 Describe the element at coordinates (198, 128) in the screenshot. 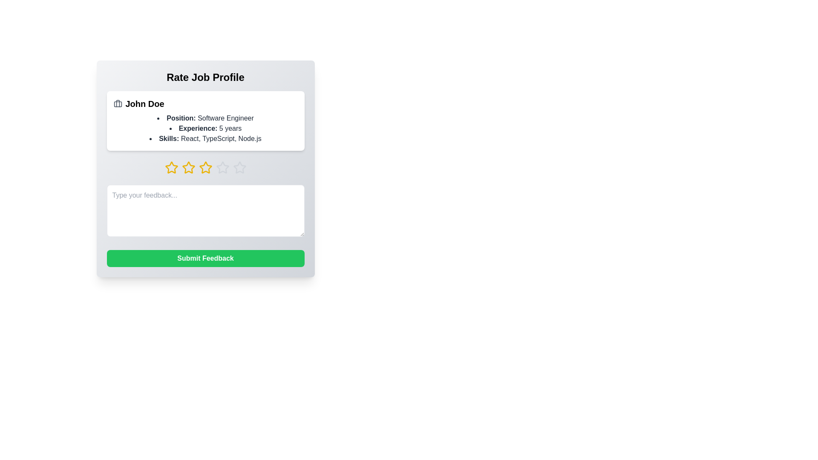

I see `the label that introduces the user's years of experience, located below the name 'John Doe' and centered within the larger card` at that location.